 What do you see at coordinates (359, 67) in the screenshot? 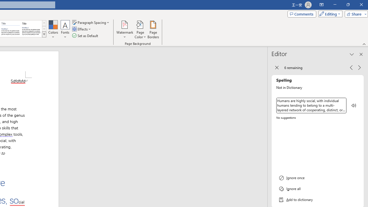
I see `'Next Issue, 6 remaining'` at bounding box center [359, 67].